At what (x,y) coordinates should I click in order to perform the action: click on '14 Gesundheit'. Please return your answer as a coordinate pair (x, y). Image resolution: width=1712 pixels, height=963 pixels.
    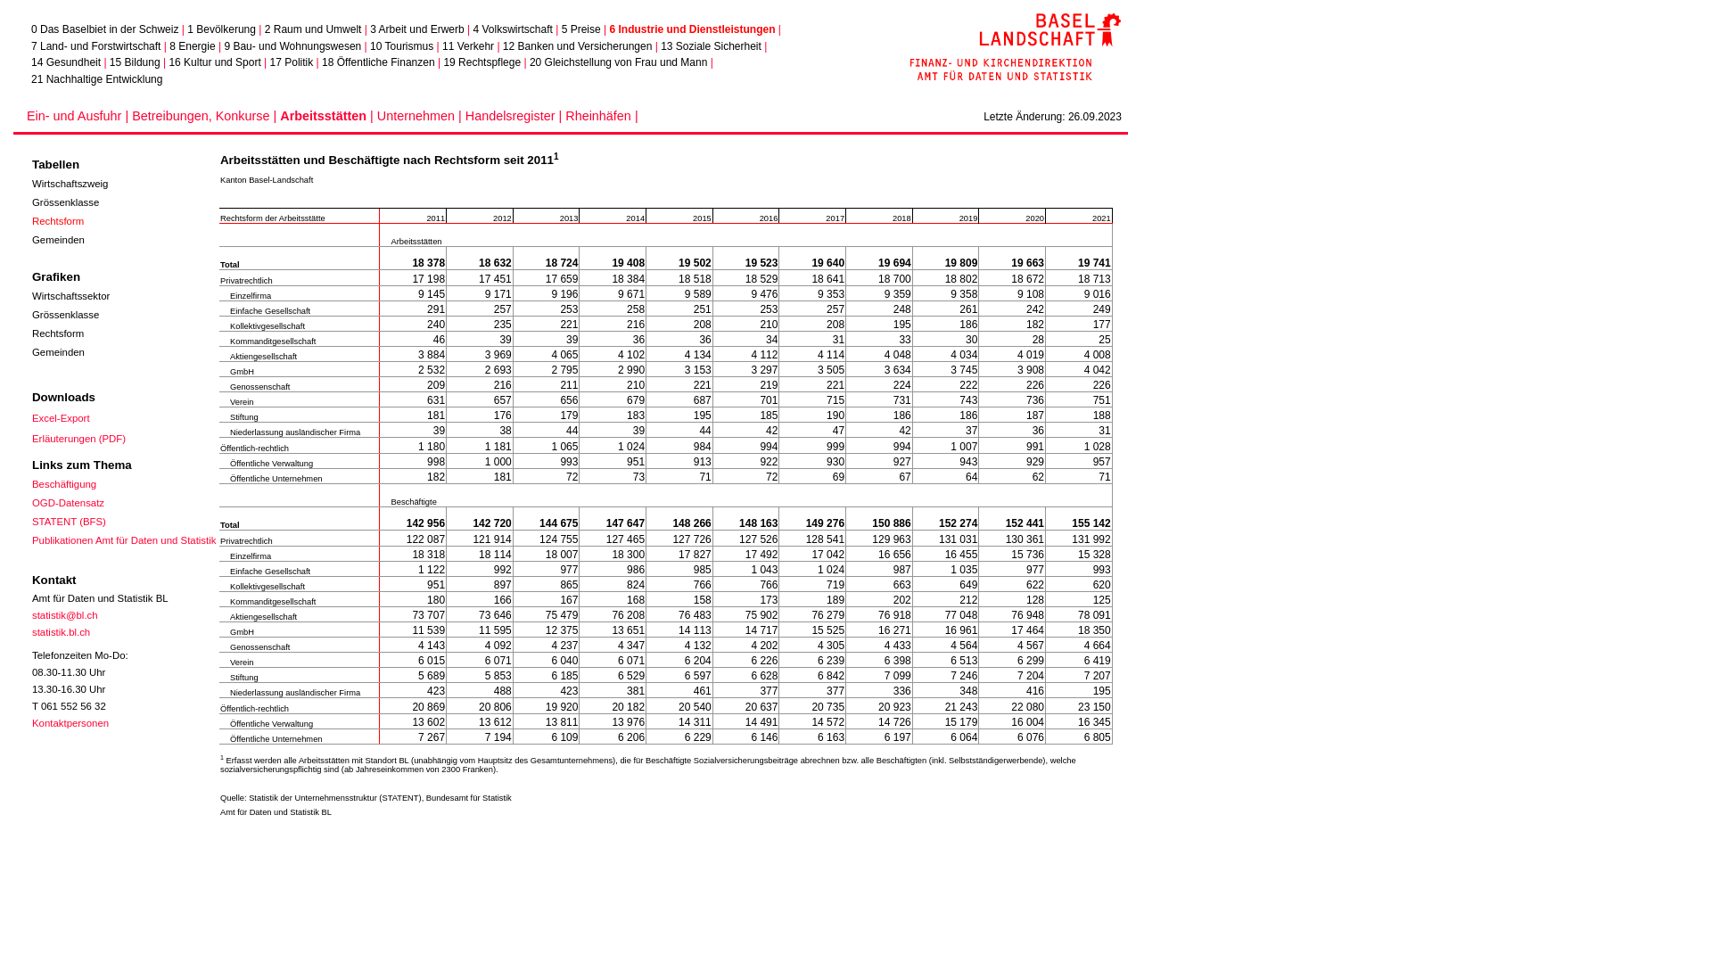
    Looking at the image, I should click on (65, 61).